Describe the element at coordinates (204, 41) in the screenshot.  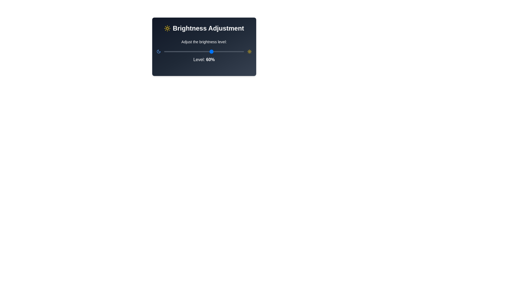
I see `the text label that says 'Adjust the brightness level:' located in the top-middle area of the 'Brightness Adjustment' panel` at that location.